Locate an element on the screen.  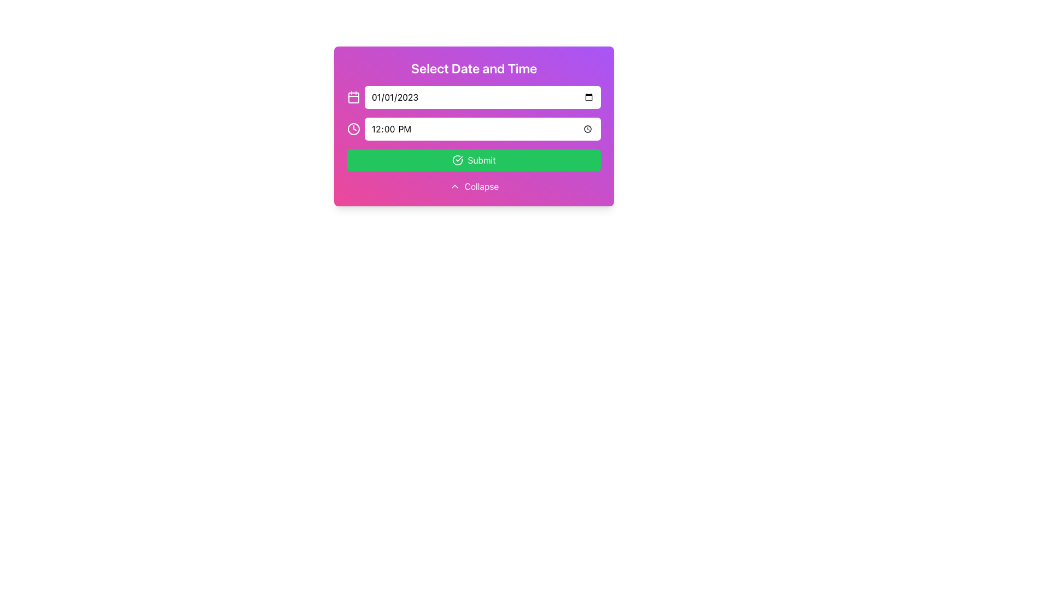
the clock icon located to the left of the time input field labeled '12:00 PM' is located at coordinates (354, 128).